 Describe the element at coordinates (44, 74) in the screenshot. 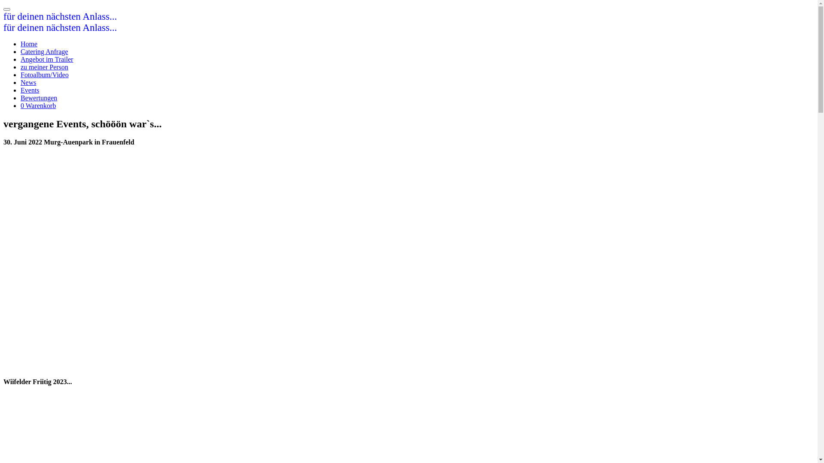

I see `'Fotoalbum/Video'` at that location.